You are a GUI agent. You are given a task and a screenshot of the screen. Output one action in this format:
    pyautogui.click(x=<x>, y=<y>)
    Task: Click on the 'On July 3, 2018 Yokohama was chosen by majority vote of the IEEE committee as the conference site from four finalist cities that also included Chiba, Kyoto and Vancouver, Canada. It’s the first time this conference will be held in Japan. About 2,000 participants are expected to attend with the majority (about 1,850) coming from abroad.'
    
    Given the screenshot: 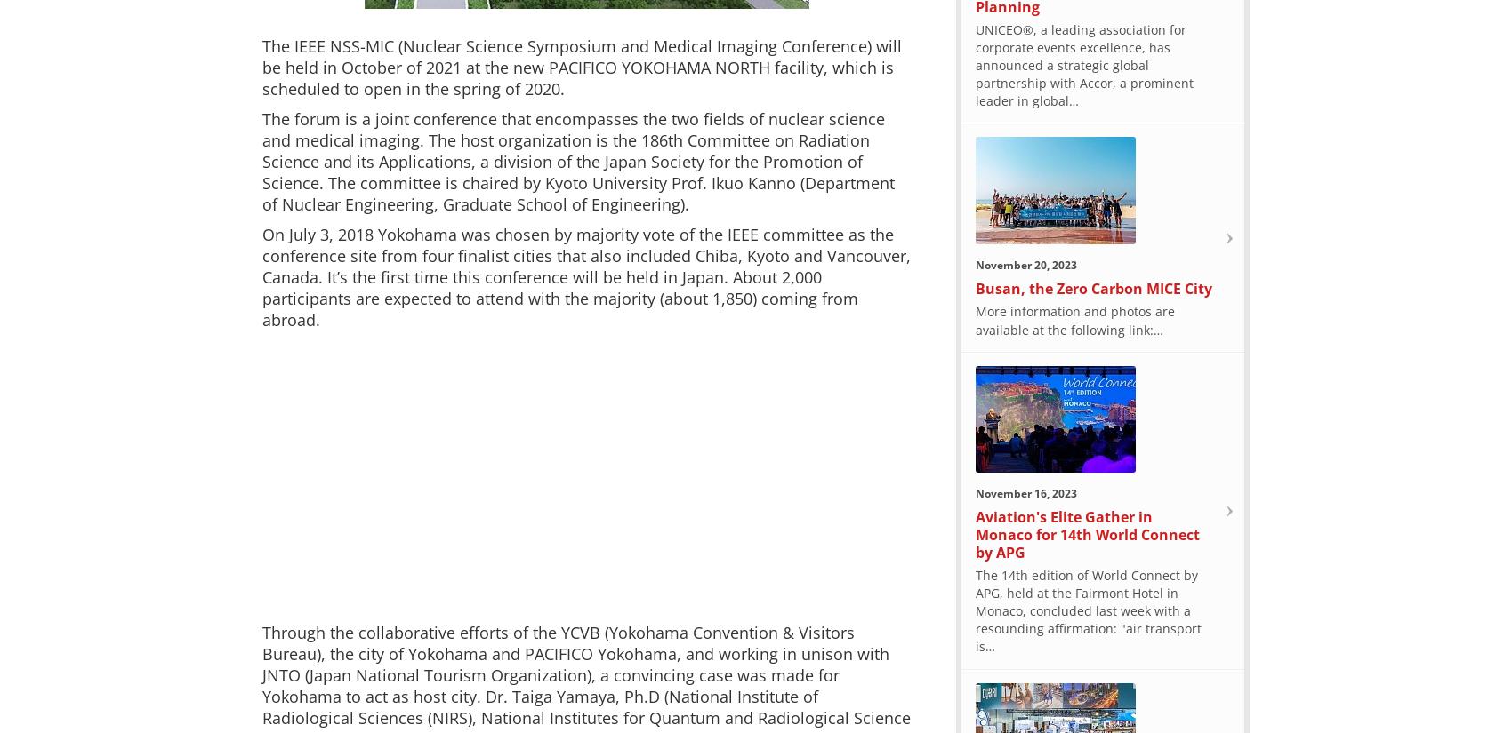 What is the action you would take?
    pyautogui.click(x=586, y=276)
    